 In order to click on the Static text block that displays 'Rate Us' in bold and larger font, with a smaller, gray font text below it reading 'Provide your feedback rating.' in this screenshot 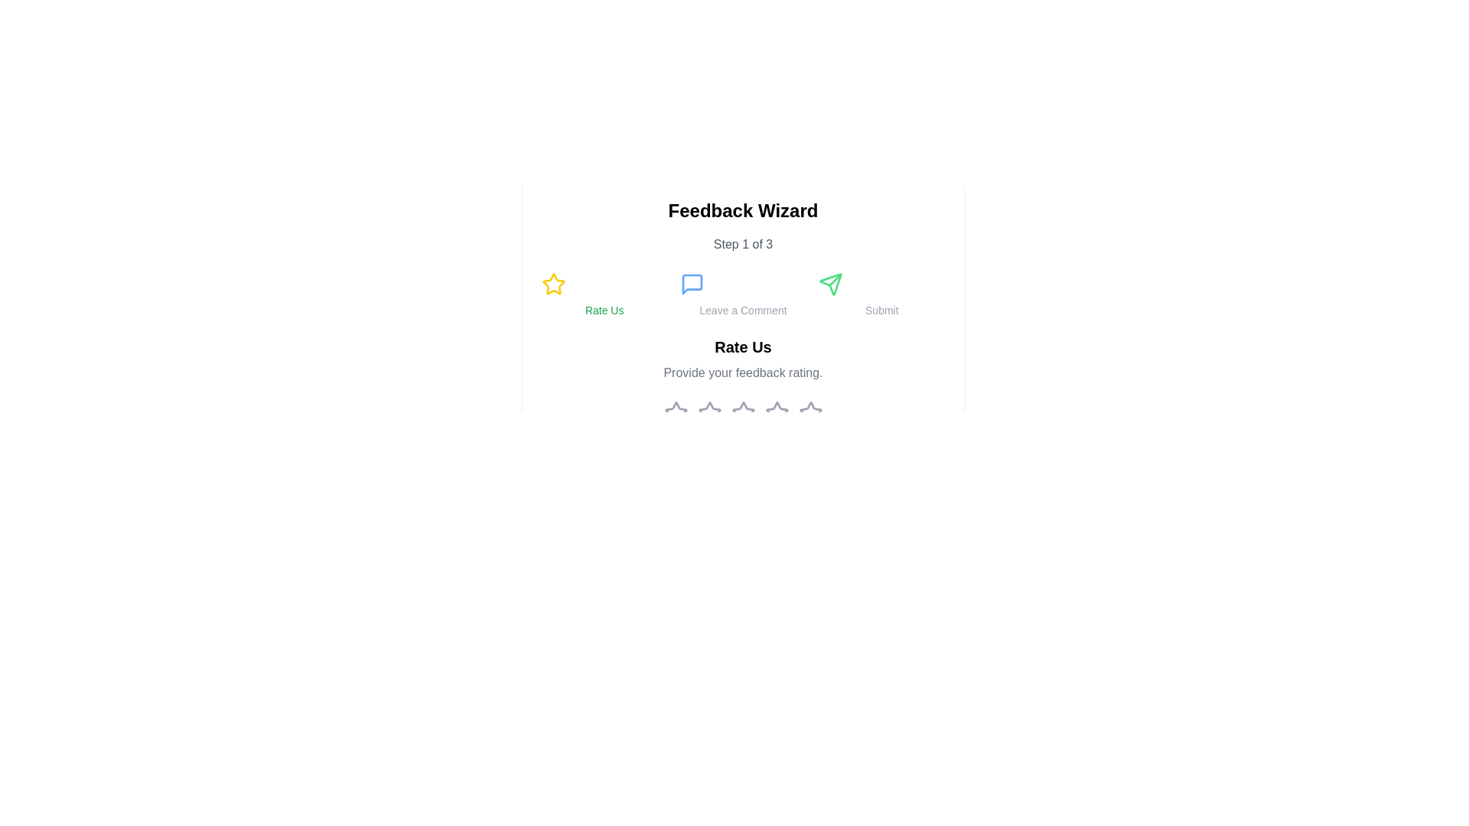, I will do `click(743, 359)`.